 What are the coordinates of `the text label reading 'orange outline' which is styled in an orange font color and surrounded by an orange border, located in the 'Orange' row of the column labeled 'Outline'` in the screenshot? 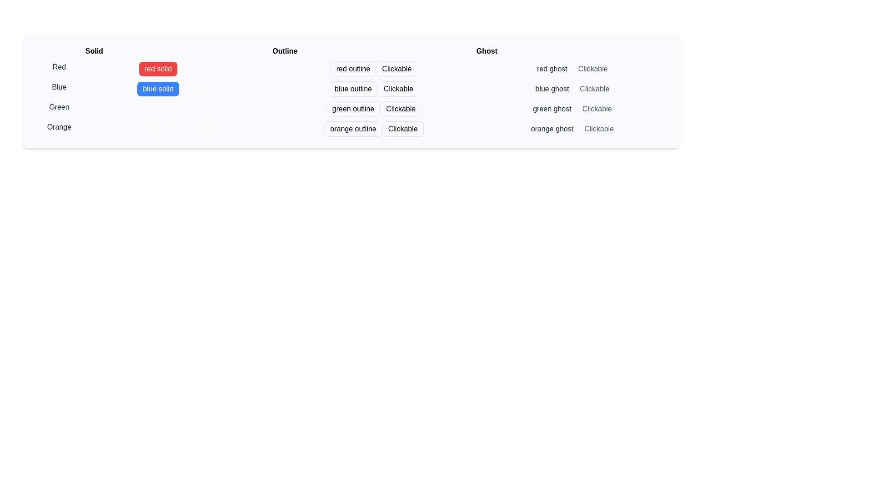 It's located at (351, 127).